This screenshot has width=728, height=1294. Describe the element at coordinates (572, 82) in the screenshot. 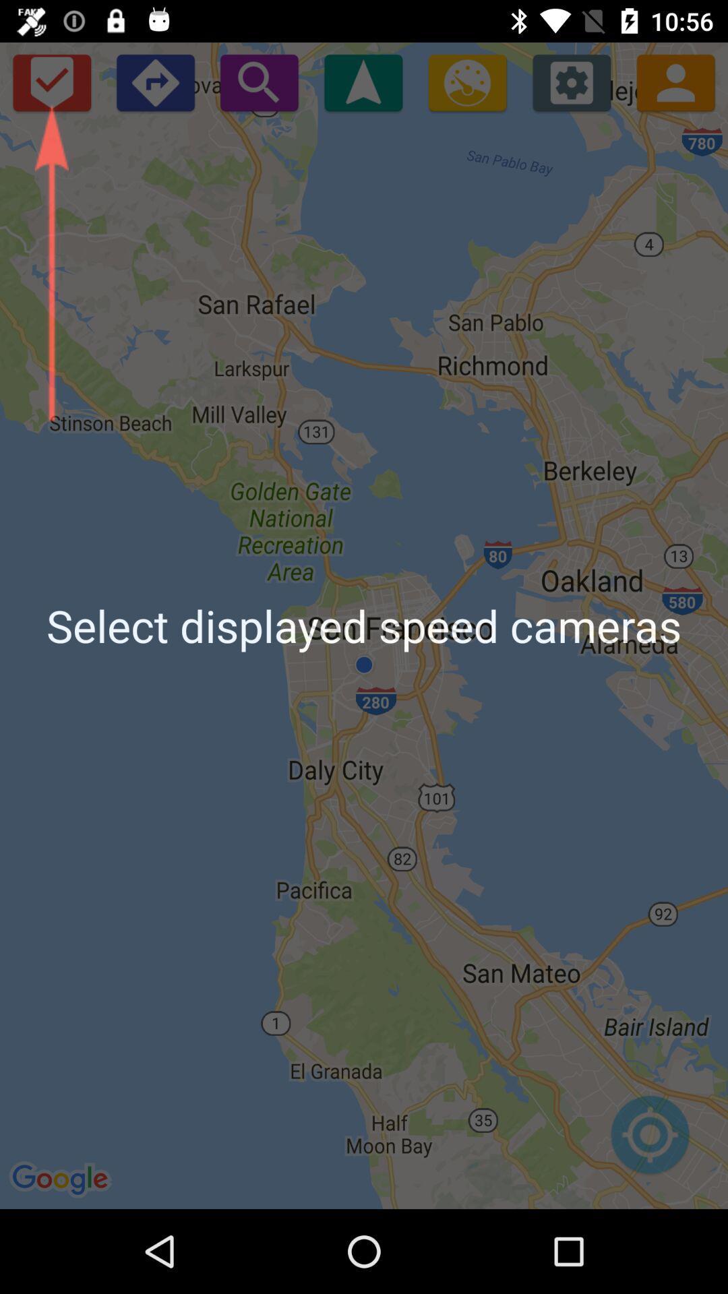

I see `icon above the select displayed speed app` at that location.